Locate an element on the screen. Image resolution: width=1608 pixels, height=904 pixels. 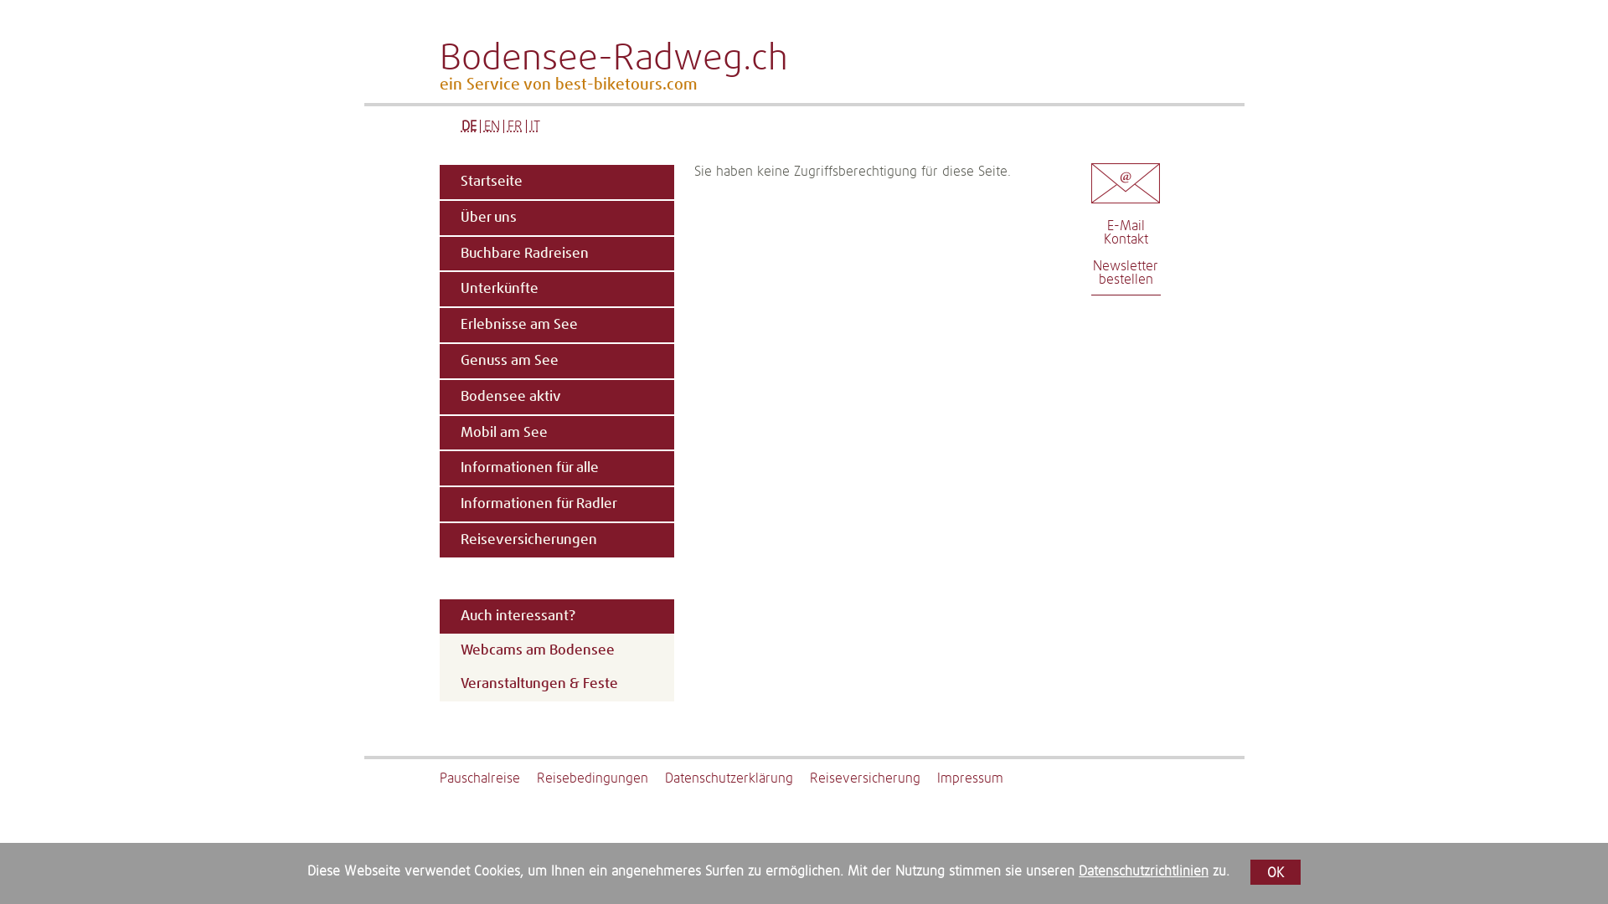
'Datenschutzrichtlinien' is located at coordinates (1142, 871).